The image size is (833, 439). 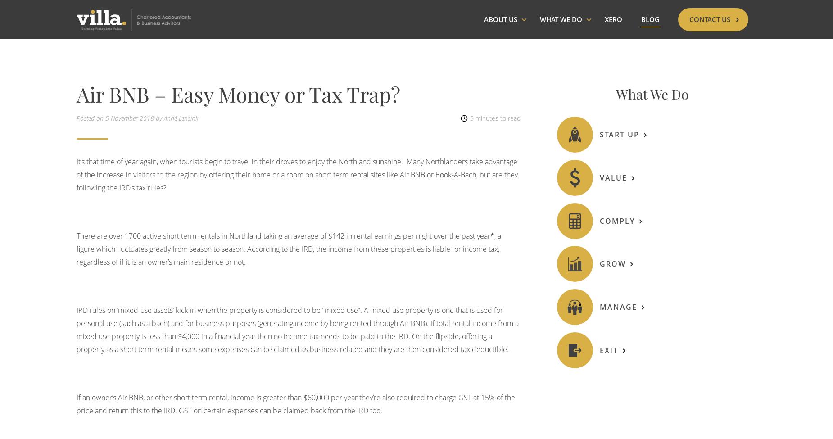 I want to click on '5 minutes to read', so click(x=495, y=118).